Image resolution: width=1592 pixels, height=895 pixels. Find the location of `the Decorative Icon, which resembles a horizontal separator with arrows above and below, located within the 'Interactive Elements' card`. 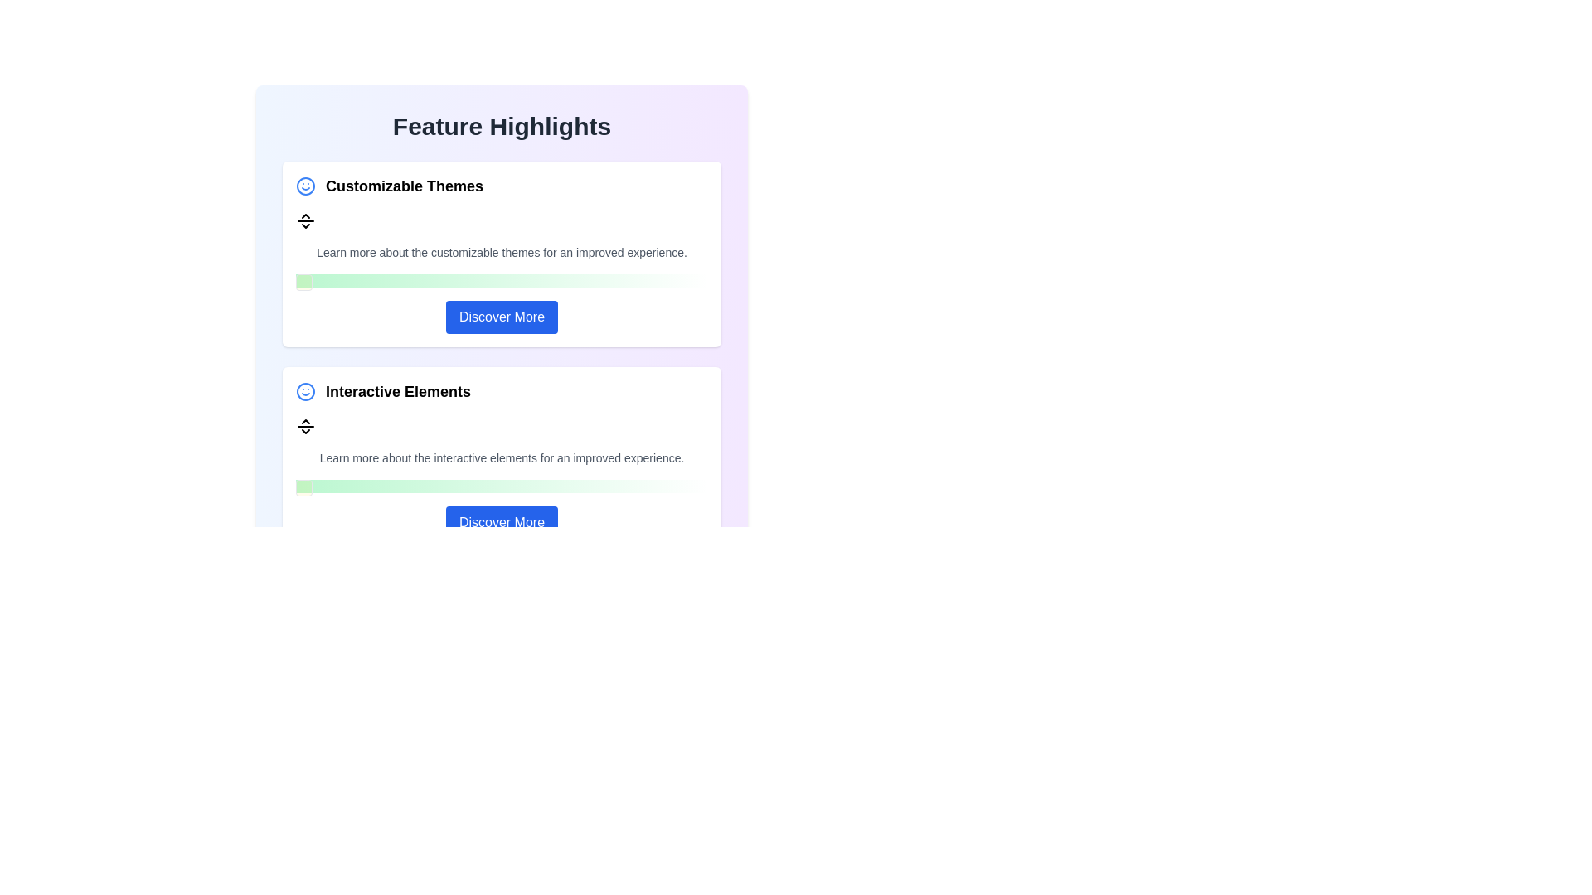

the Decorative Icon, which resembles a horizontal separator with arrows above and below, located within the 'Interactive Elements' card is located at coordinates (306, 426).